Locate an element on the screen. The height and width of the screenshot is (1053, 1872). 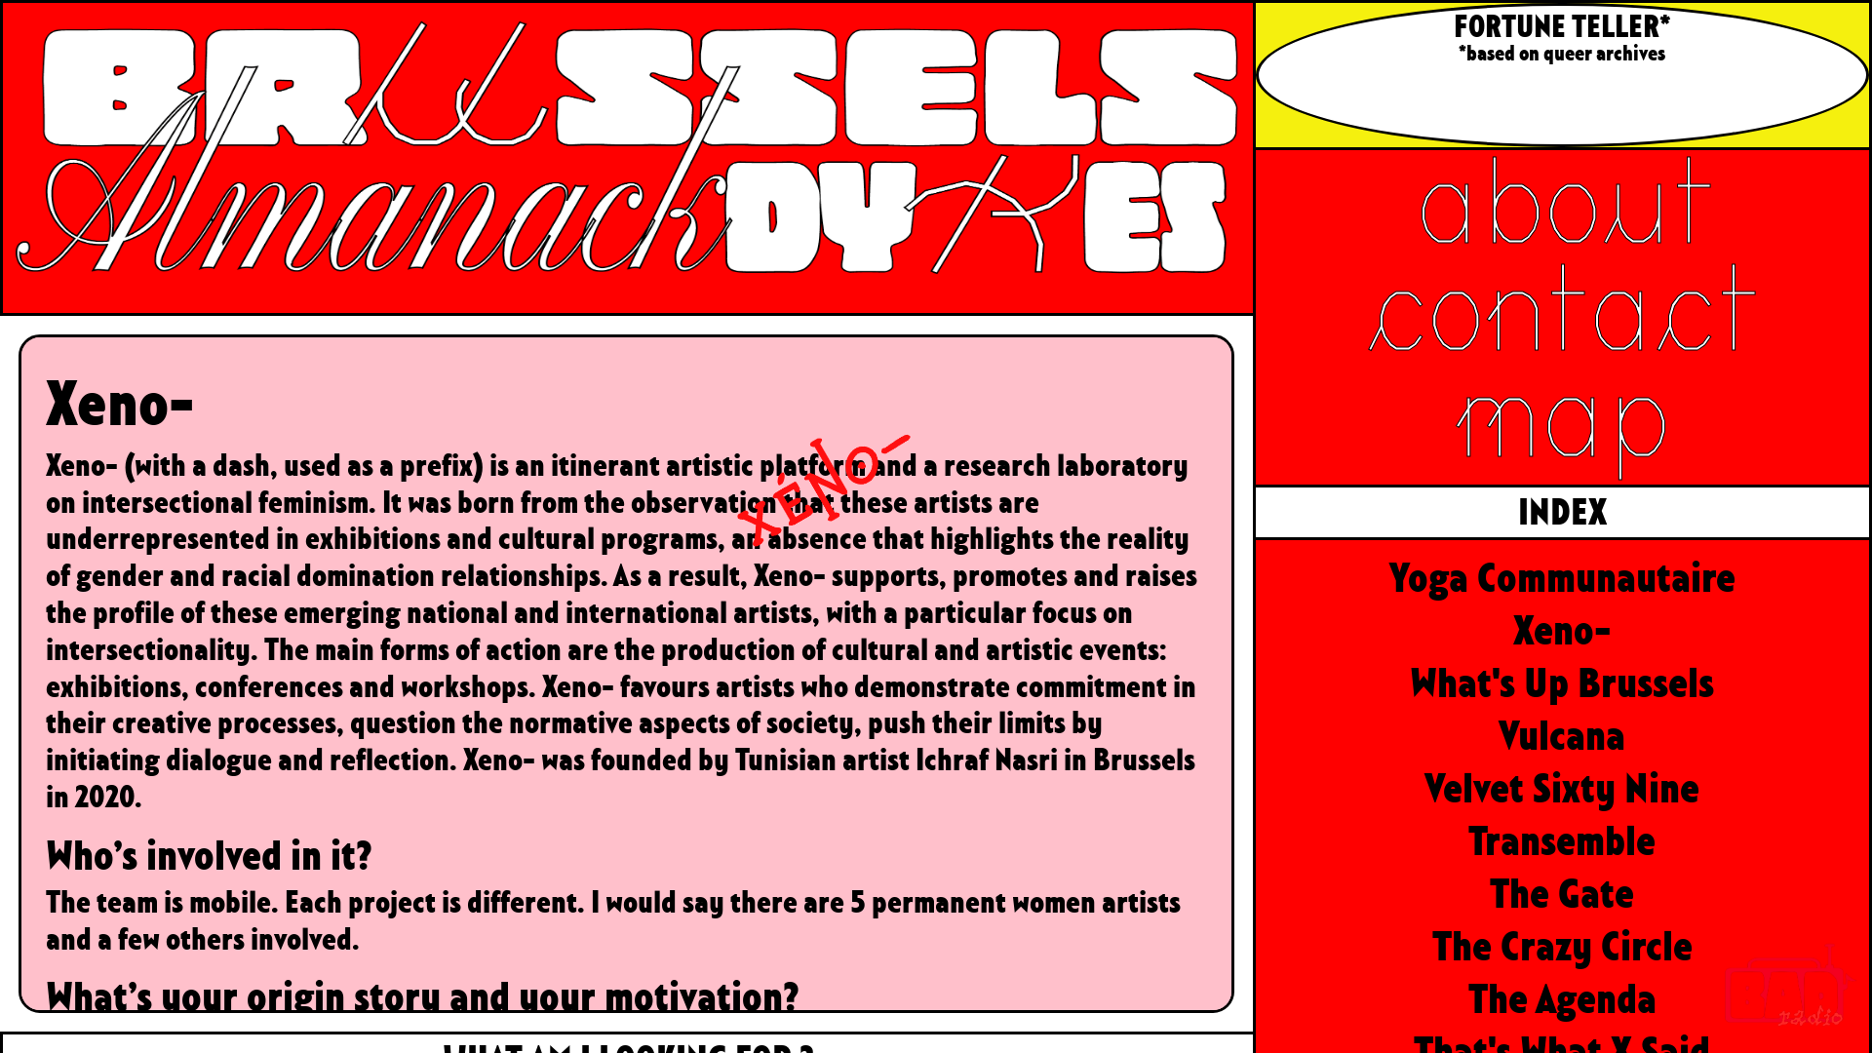
'The Agenda' is located at coordinates (1468, 999).